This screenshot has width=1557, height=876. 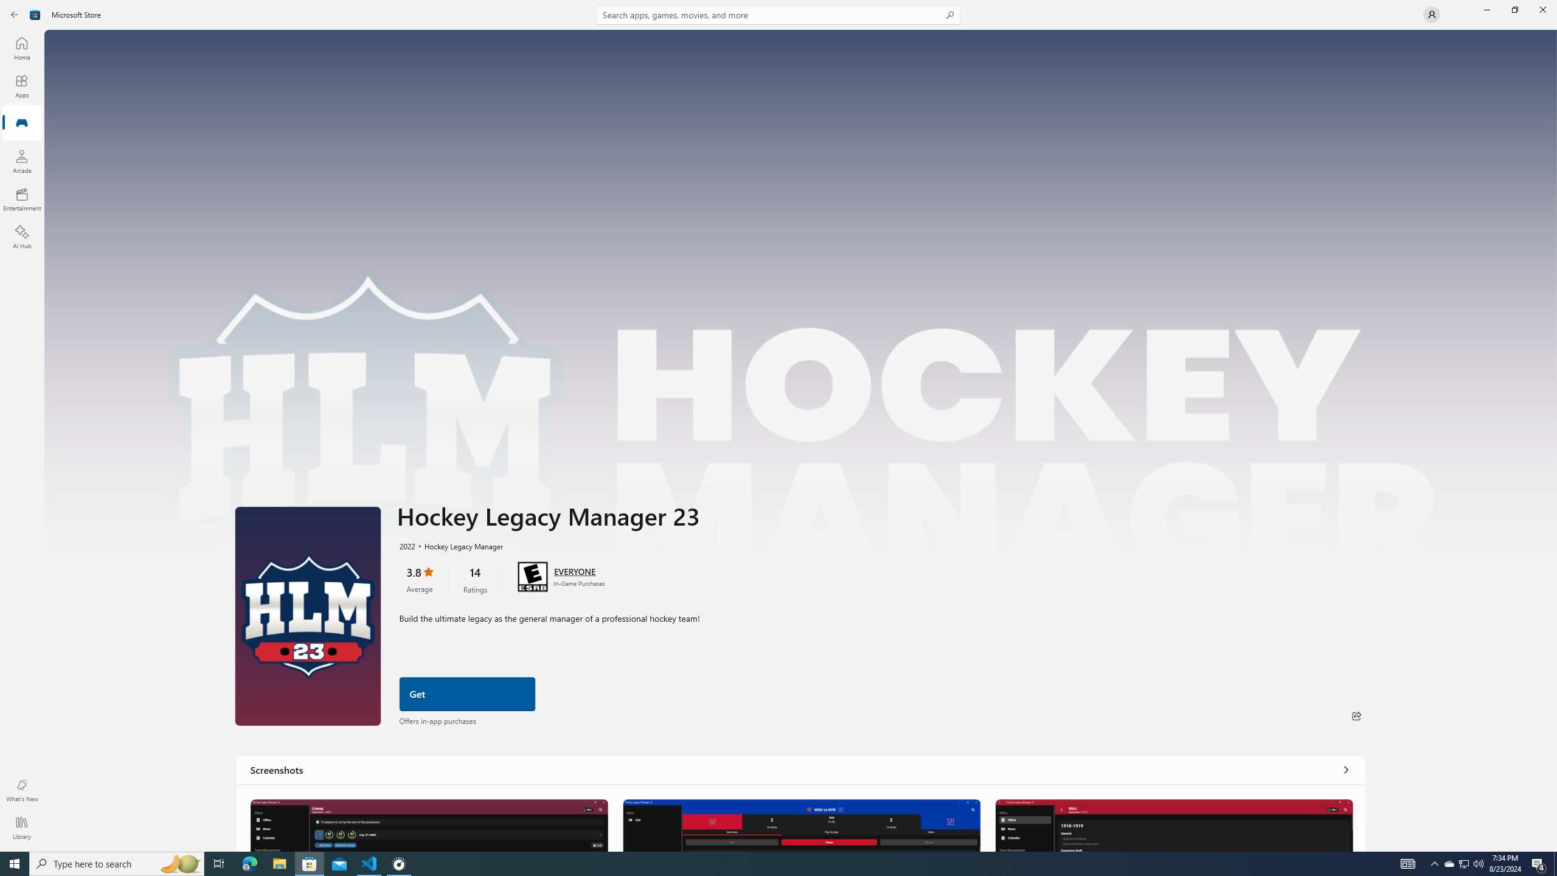 I want to click on 'Back', so click(x=15, y=13).